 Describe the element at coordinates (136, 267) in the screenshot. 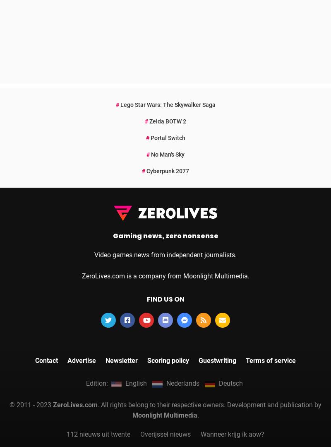

I see `'English'` at that location.